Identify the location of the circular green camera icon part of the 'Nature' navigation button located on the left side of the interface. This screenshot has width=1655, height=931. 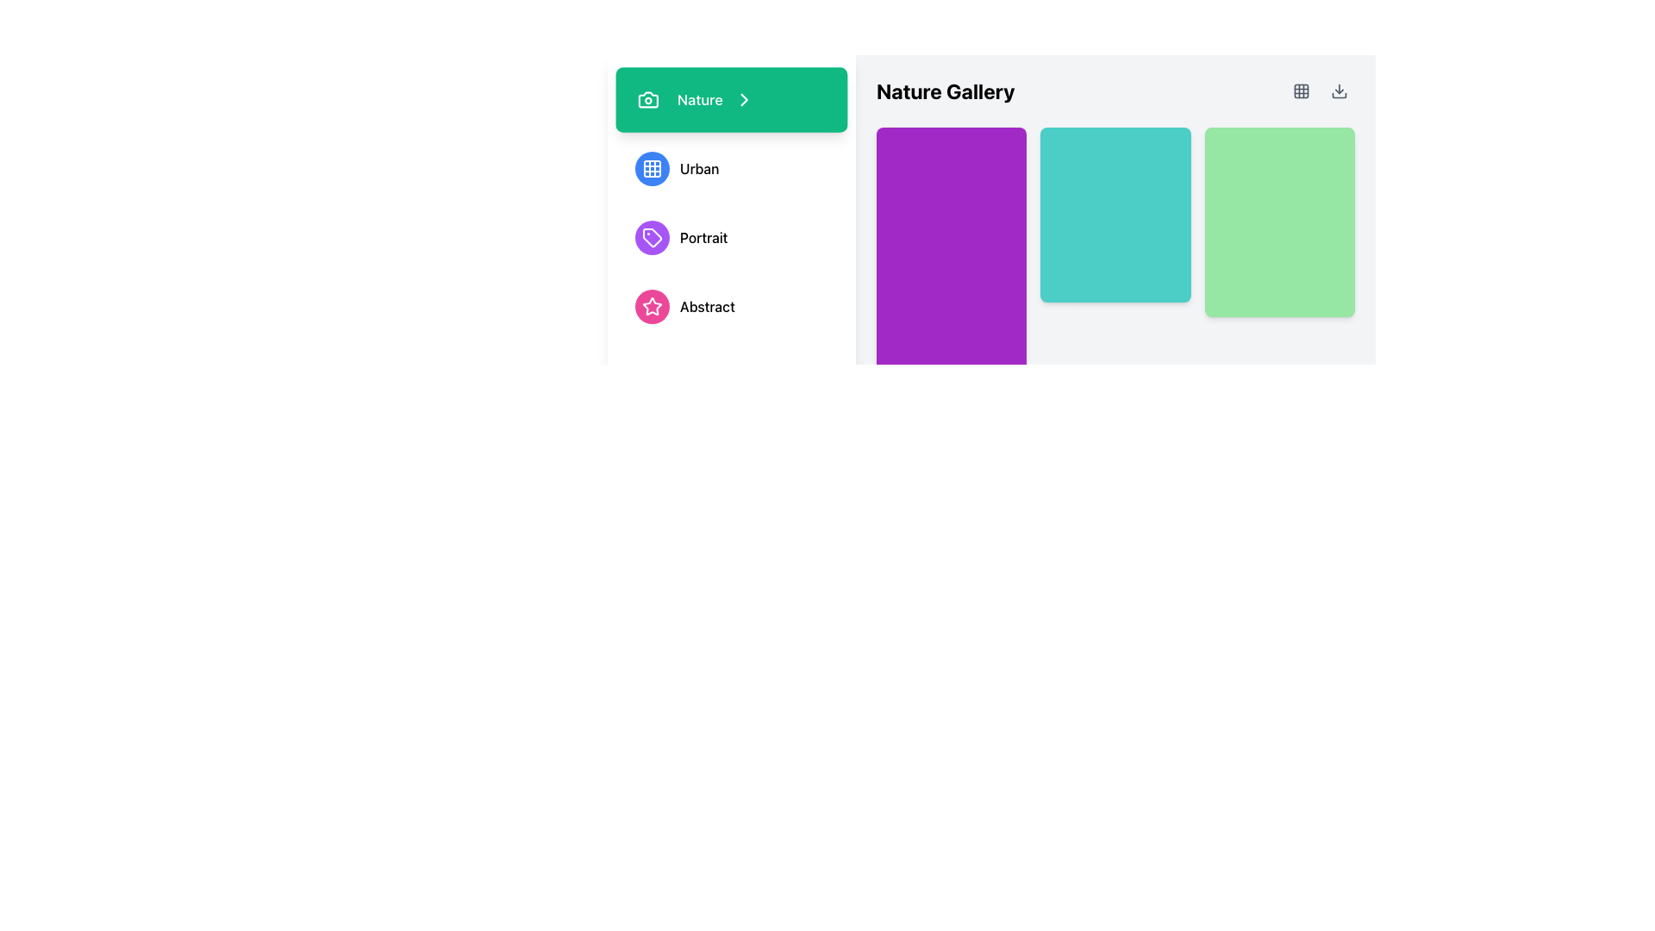
(647, 99).